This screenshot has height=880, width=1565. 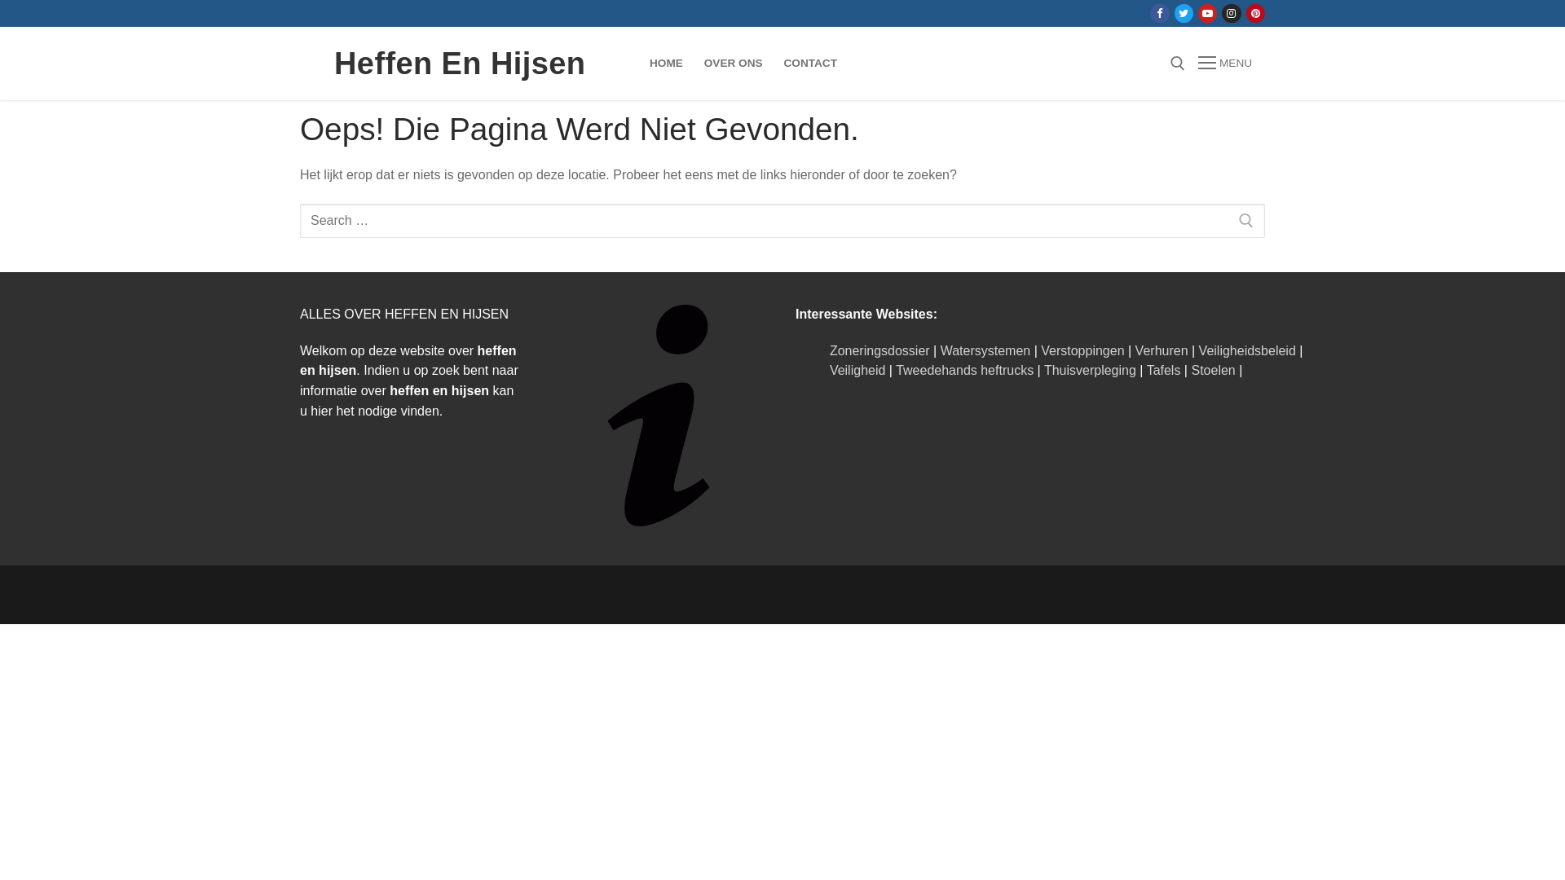 What do you see at coordinates (810, 62) in the screenshot?
I see `'CONTACT'` at bounding box center [810, 62].